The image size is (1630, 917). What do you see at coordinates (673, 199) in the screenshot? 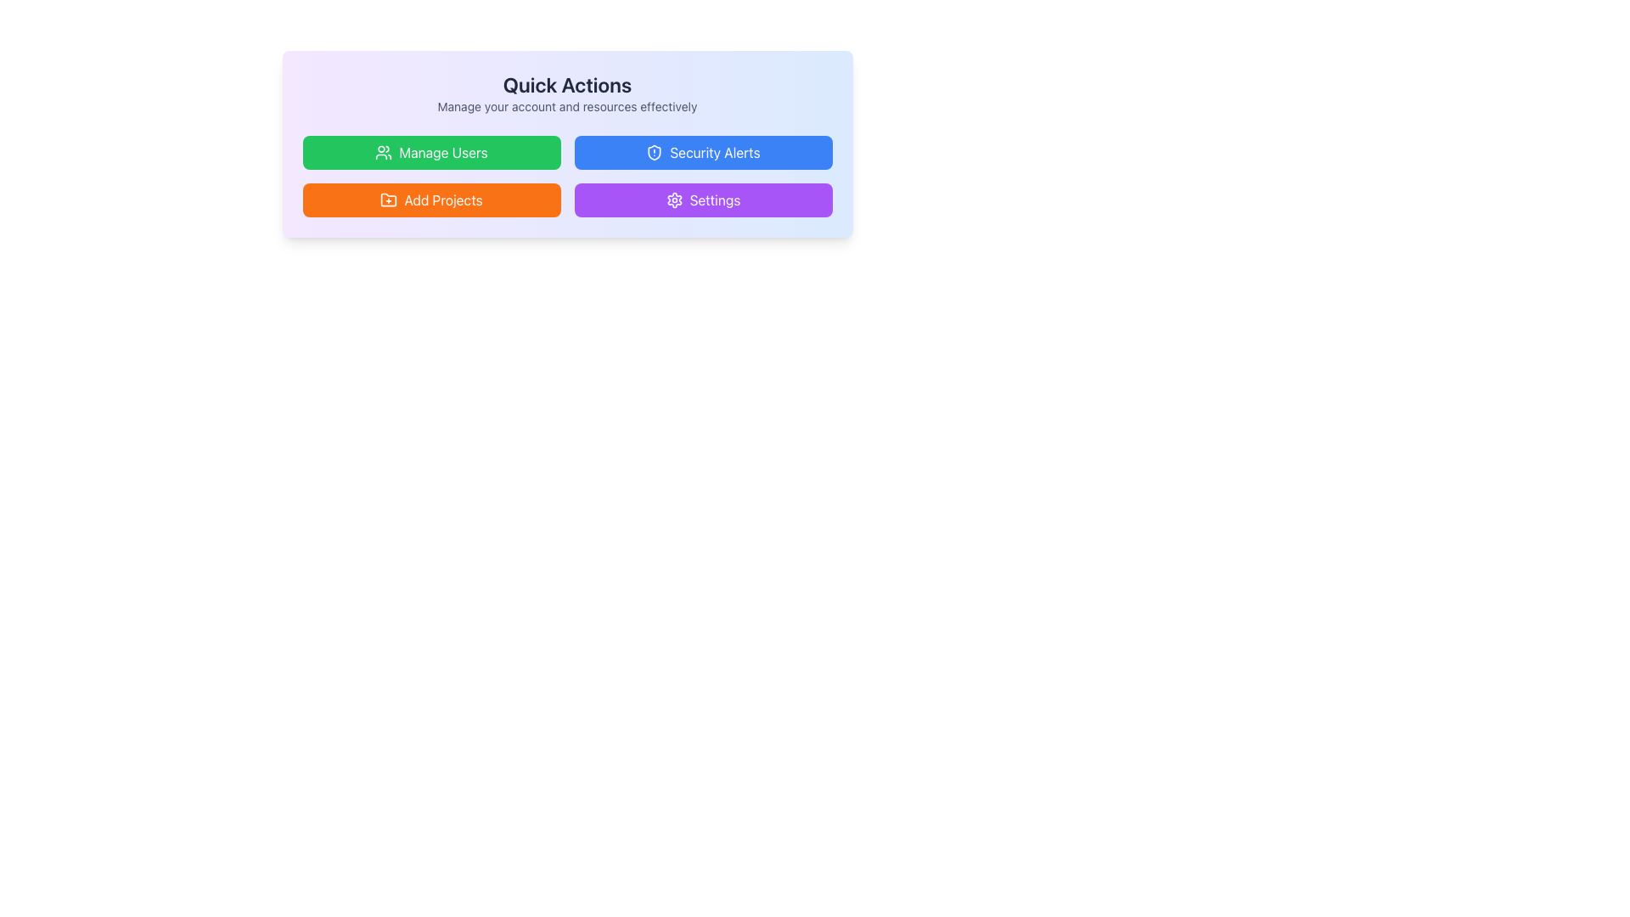
I see `the cogwheel icon located within the 'Settings' button, which is the rightmost button in the bottom row of the 'Quick Actions' section` at bounding box center [673, 199].